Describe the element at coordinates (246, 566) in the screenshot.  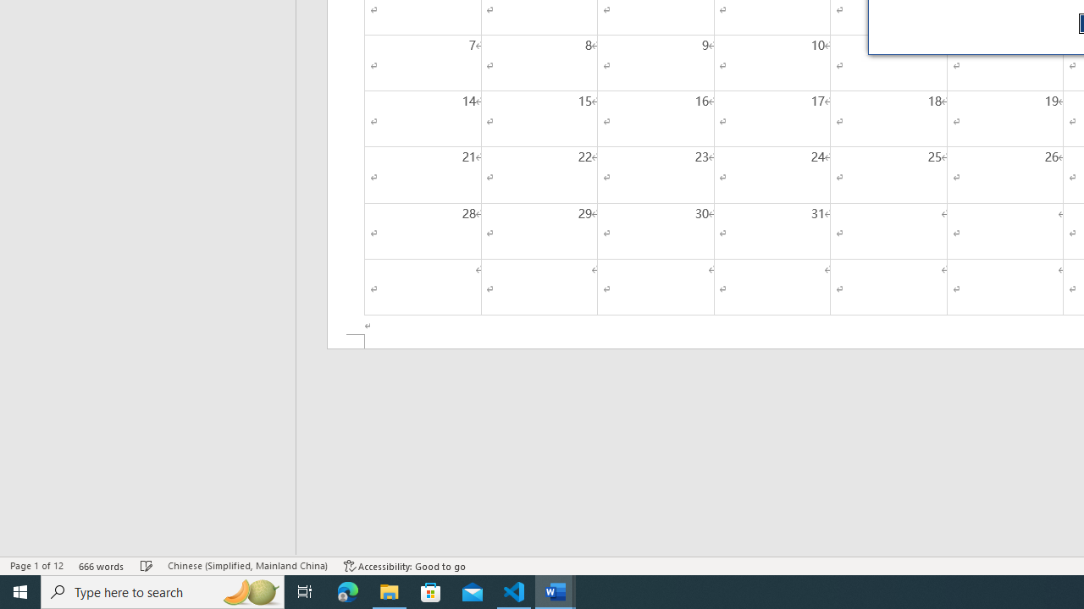
I see `'Language Chinese (Simplified, Mainland China)'` at that location.